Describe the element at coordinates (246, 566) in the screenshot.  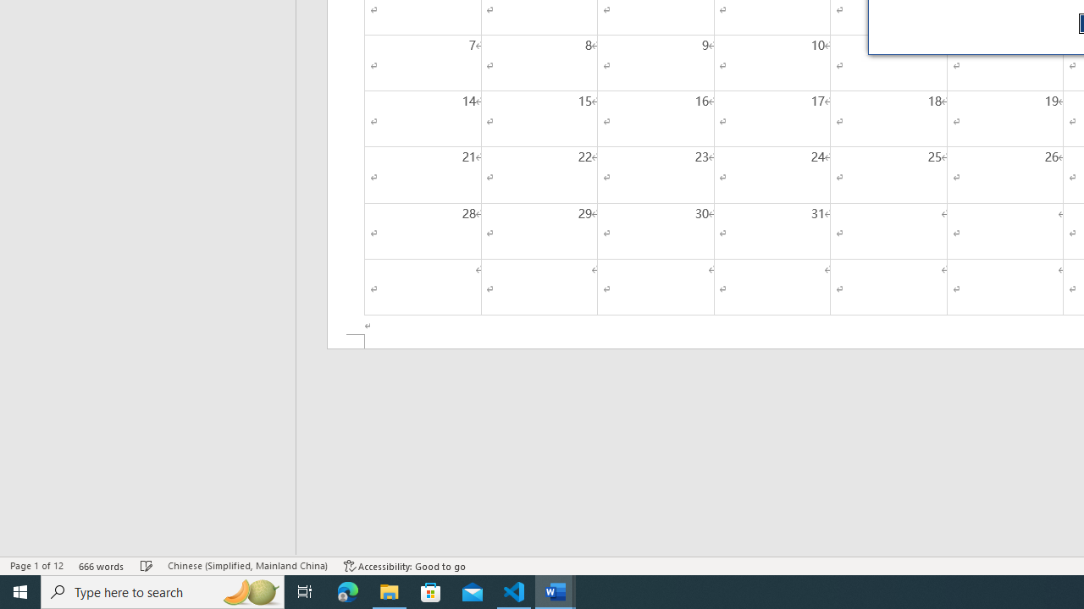
I see `'Language Chinese (Simplified, Mainland China)'` at that location.